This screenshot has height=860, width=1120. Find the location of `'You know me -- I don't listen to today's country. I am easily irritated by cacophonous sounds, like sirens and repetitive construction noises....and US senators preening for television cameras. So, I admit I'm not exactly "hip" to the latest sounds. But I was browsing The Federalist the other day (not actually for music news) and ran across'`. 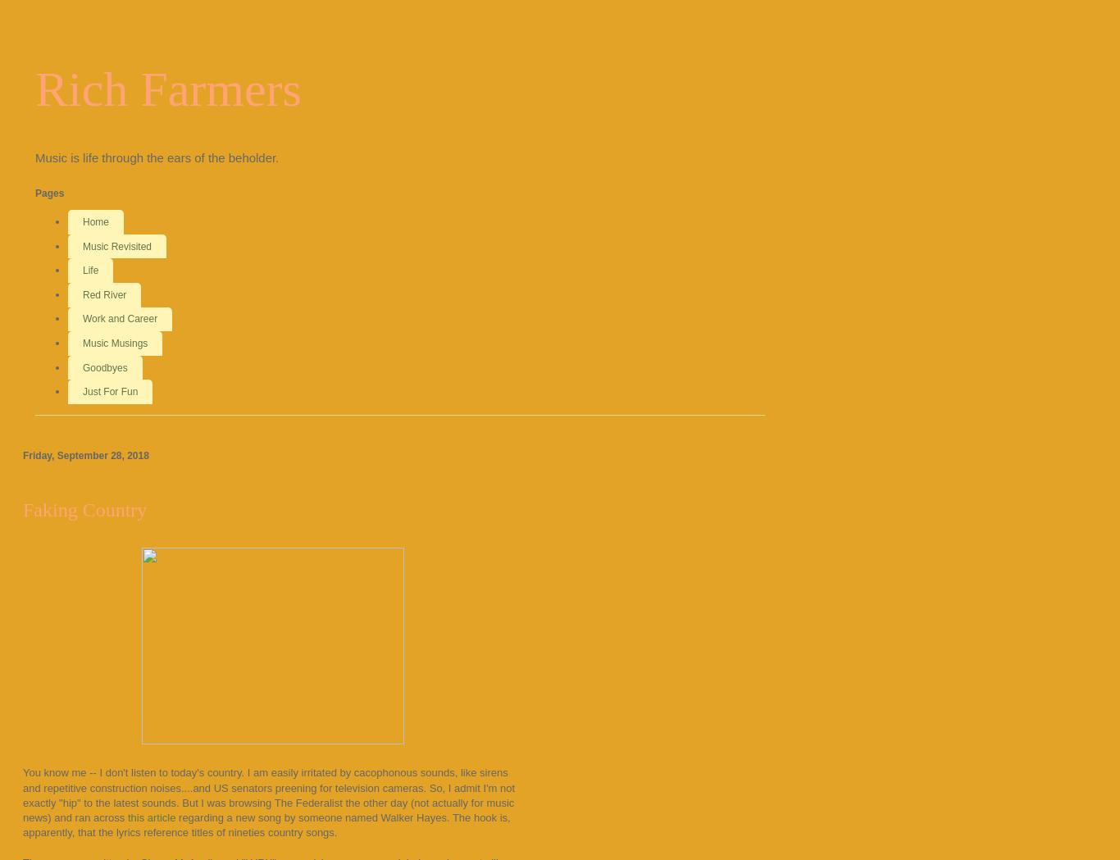

'You know me -- I don't listen to today's country. I am easily irritated by cacophonous sounds, like sirens and repetitive construction noises....and US senators preening for television cameras. So, I admit I'm not exactly "hip" to the latest sounds. But I was browsing The Federalist the other day (not actually for music news) and ran across' is located at coordinates (268, 794).